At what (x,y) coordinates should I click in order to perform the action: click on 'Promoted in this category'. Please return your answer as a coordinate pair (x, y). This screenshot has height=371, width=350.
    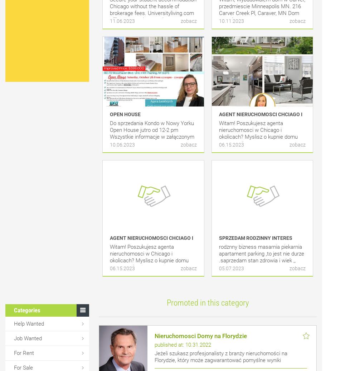
    Looking at the image, I should click on (166, 303).